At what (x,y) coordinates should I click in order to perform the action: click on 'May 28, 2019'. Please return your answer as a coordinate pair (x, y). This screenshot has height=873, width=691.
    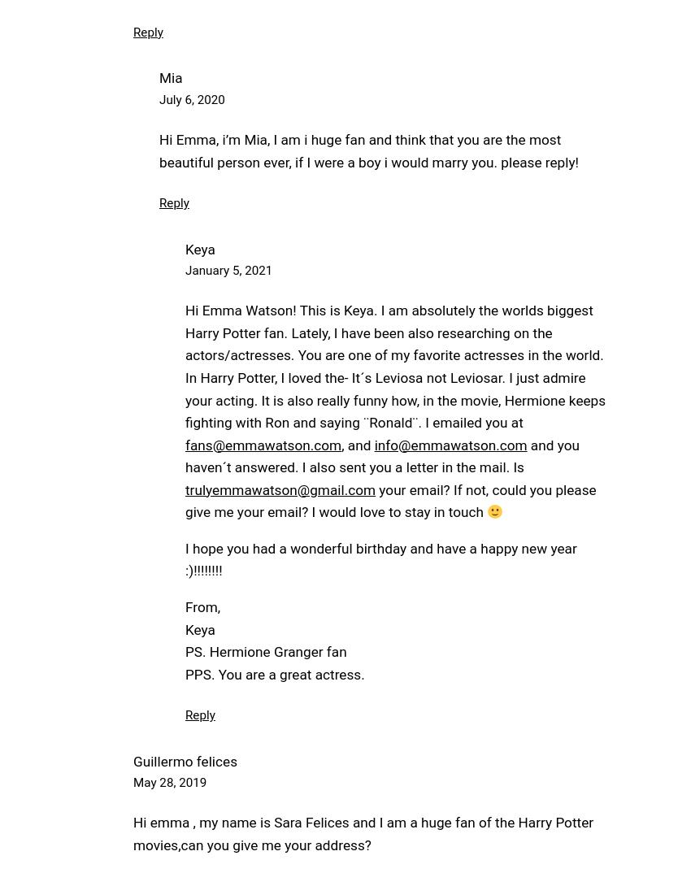
    Looking at the image, I should click on (169, 782).